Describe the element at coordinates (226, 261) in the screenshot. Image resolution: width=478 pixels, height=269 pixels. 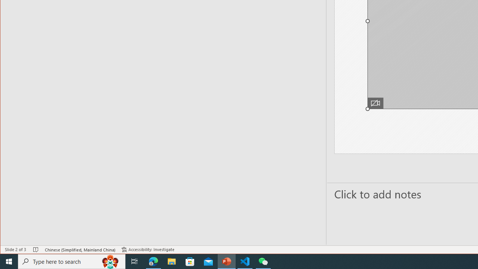
I see `'PowerPoint - 1 running window'` at that location.